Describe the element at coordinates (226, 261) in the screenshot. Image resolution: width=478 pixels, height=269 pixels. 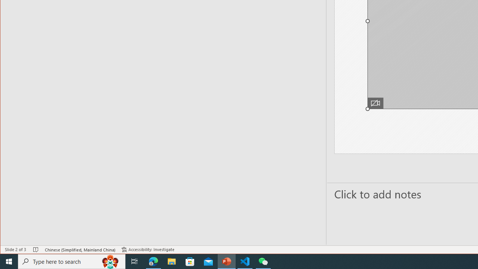
I see `'PowerPoint - 1 running window'` at that location.